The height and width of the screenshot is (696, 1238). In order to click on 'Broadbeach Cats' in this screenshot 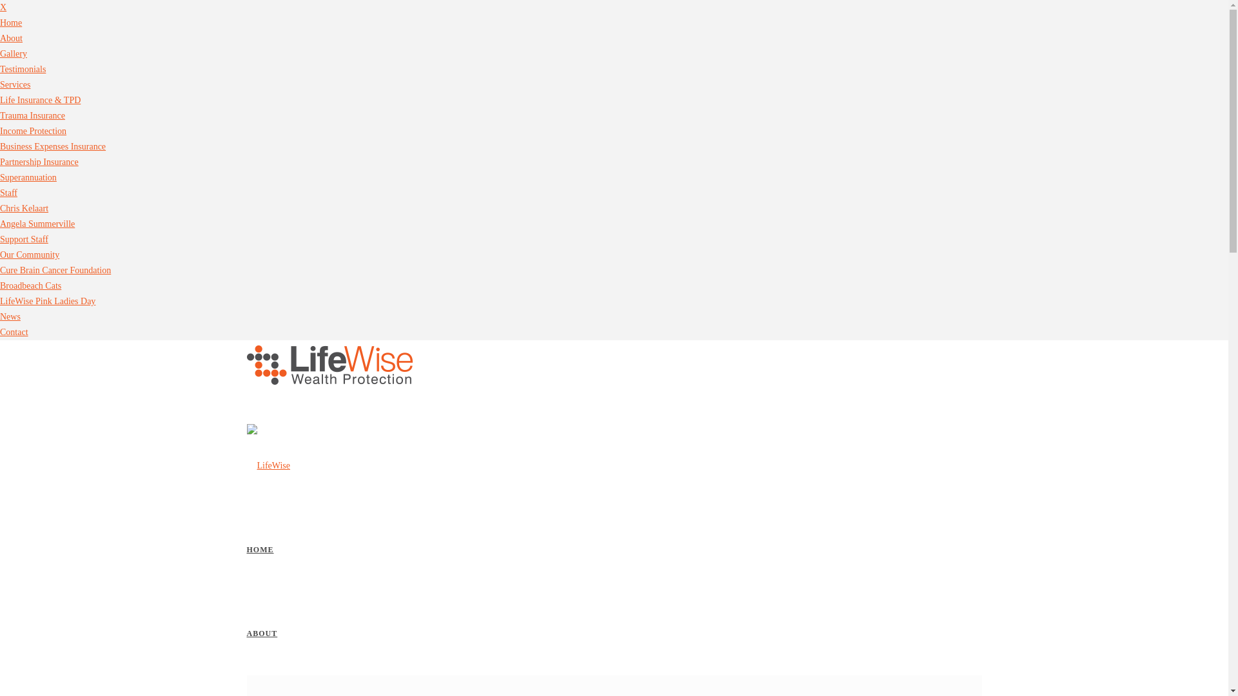, I will do `click(0, 285)`.